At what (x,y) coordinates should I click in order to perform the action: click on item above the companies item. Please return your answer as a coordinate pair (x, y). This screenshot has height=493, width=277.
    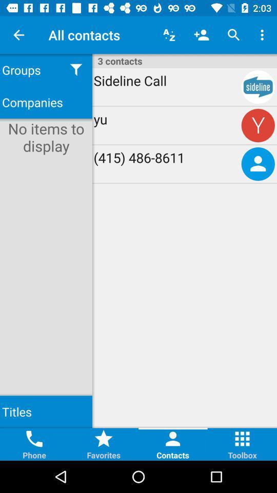
    Looking at the image, I should click on (30, 69).